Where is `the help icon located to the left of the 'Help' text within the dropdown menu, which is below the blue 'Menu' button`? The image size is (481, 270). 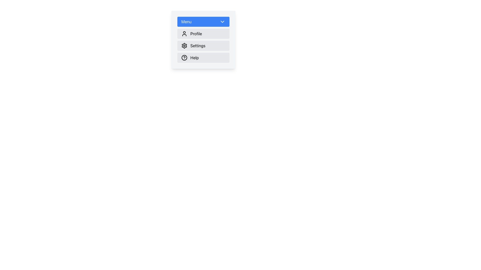
the help icon located to the left of the 'Help' text within the dropdown menu, which is below the blue 'Menu' button is located at coordinates (184, 57).